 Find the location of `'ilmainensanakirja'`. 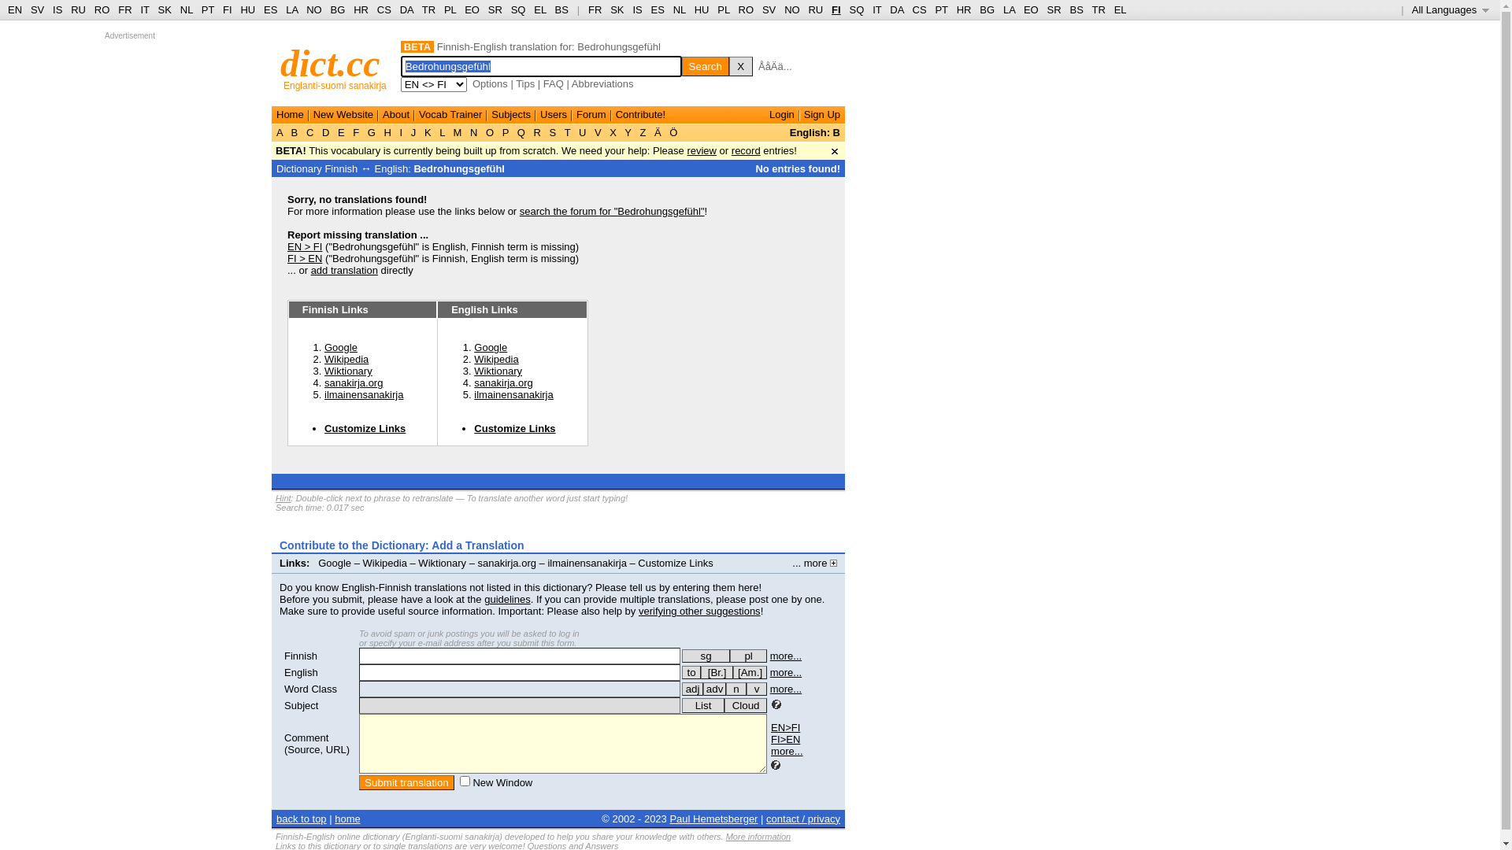

'ilmainensanakirja' is located at coordinates (362, 394).